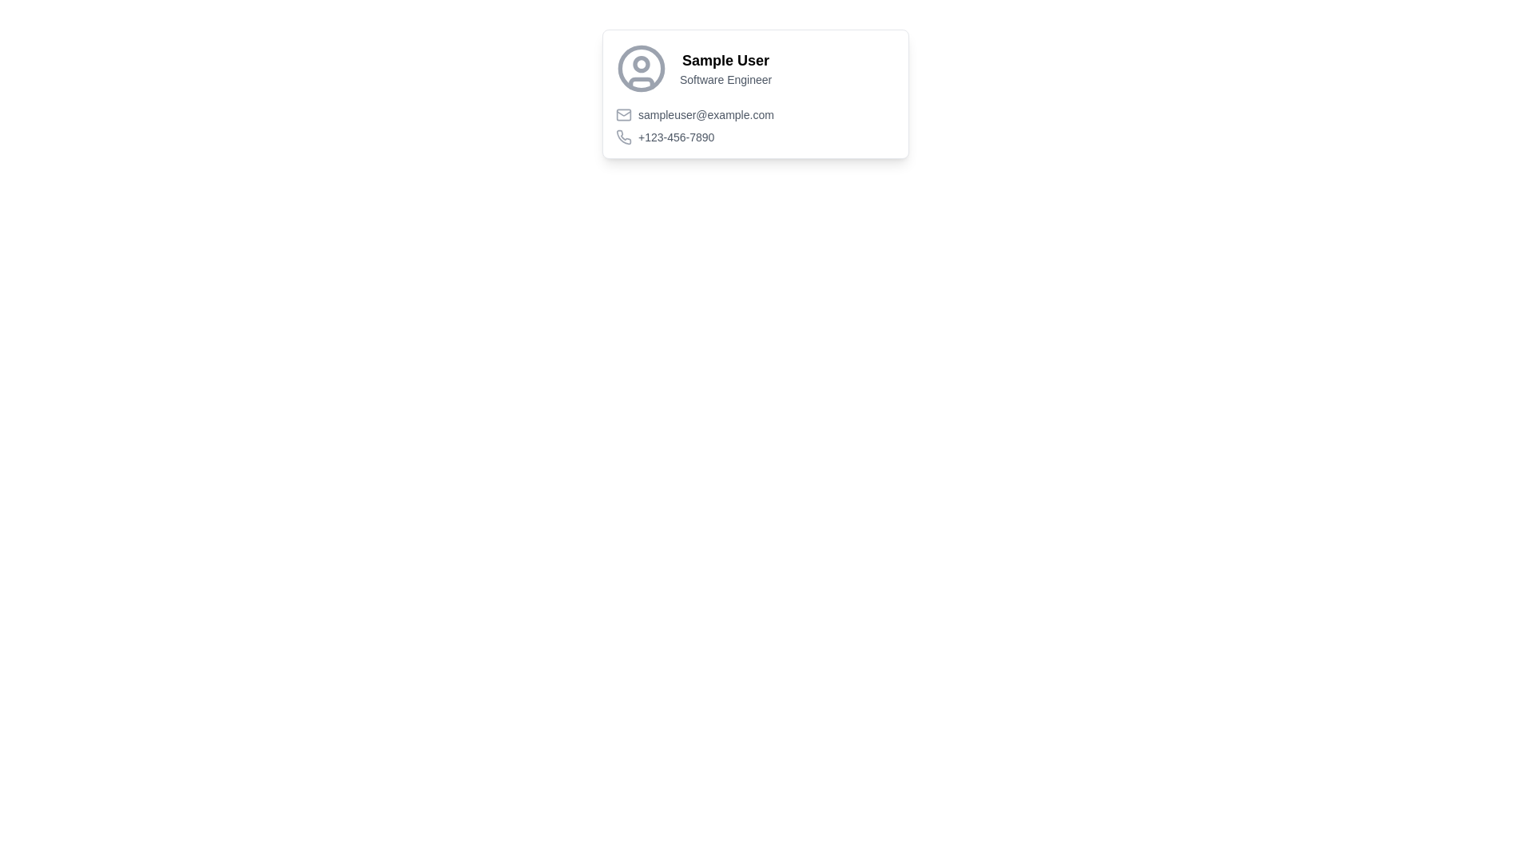 Image resolution: width=1534 pixels, height=863 pixels. I want to click on the text label displaying the phone number '+123-456-7890' located at the bottom-left section of the user profile card, next to the phone icon, so click(676, 137).